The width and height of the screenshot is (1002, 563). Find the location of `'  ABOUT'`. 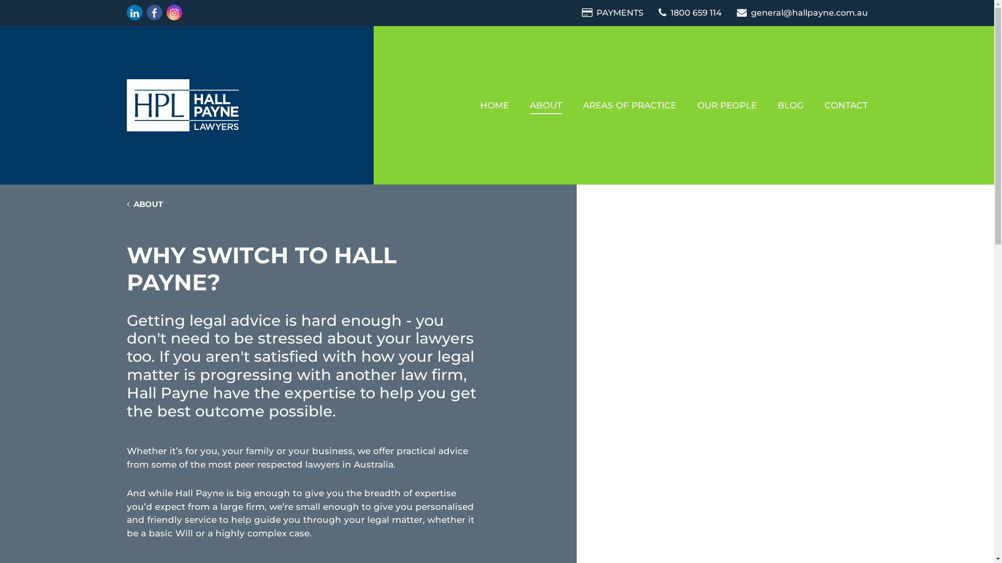

'  ABOUT' is located at coordinates (144, 204).